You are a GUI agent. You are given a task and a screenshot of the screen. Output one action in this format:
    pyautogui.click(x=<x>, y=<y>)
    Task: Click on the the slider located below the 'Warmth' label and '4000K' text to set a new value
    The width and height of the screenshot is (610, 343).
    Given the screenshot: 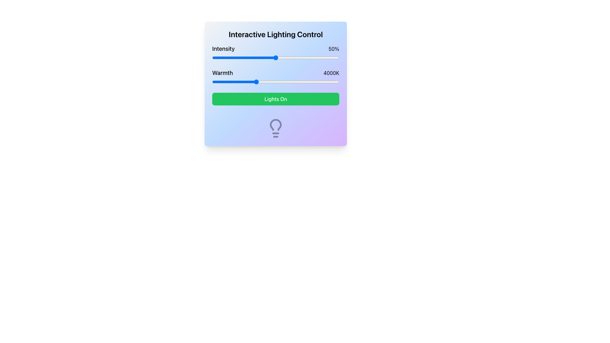 What is the action you would take?
    pyautogui.click(x=276, y=82)
    